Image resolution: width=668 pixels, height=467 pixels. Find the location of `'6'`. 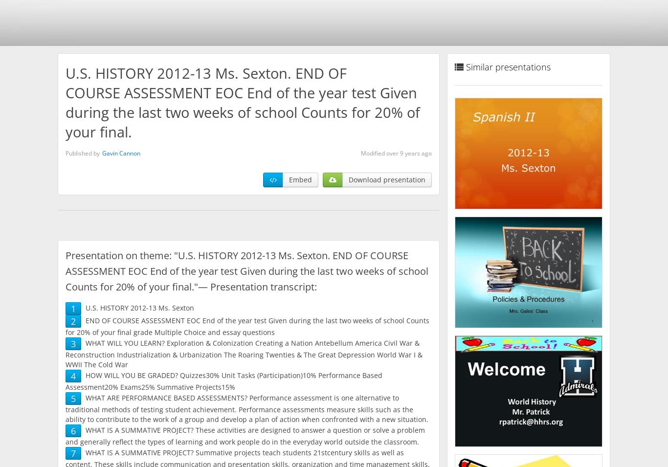

'6' is located at coordinates (72, 430).